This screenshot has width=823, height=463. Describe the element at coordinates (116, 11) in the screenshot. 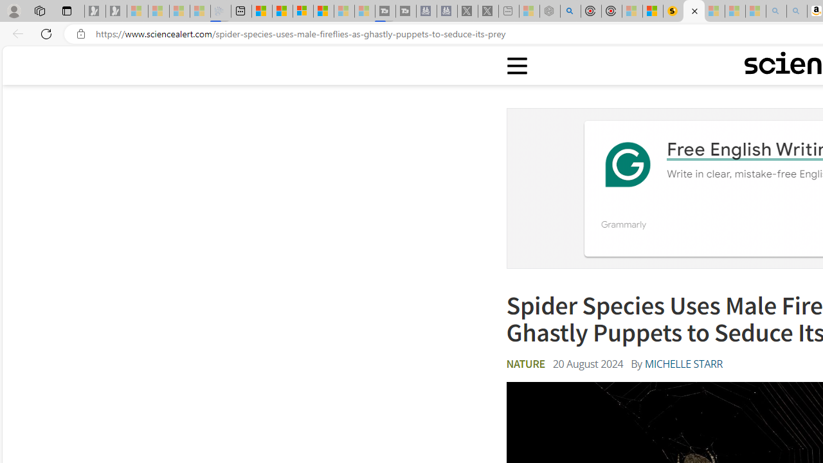

I see `'Newsletter Sign Up - Sleeping'` at that location.